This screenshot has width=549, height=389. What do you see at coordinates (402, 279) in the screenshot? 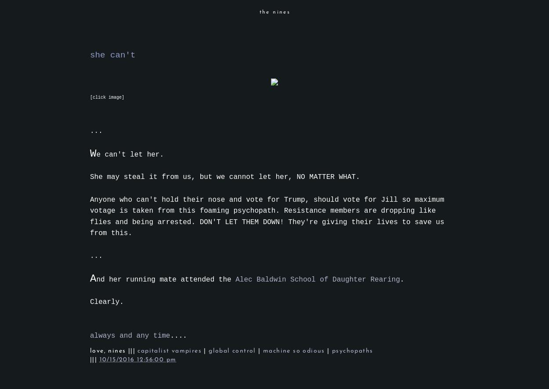
I see `'.'` at bounding box center [402, 279].